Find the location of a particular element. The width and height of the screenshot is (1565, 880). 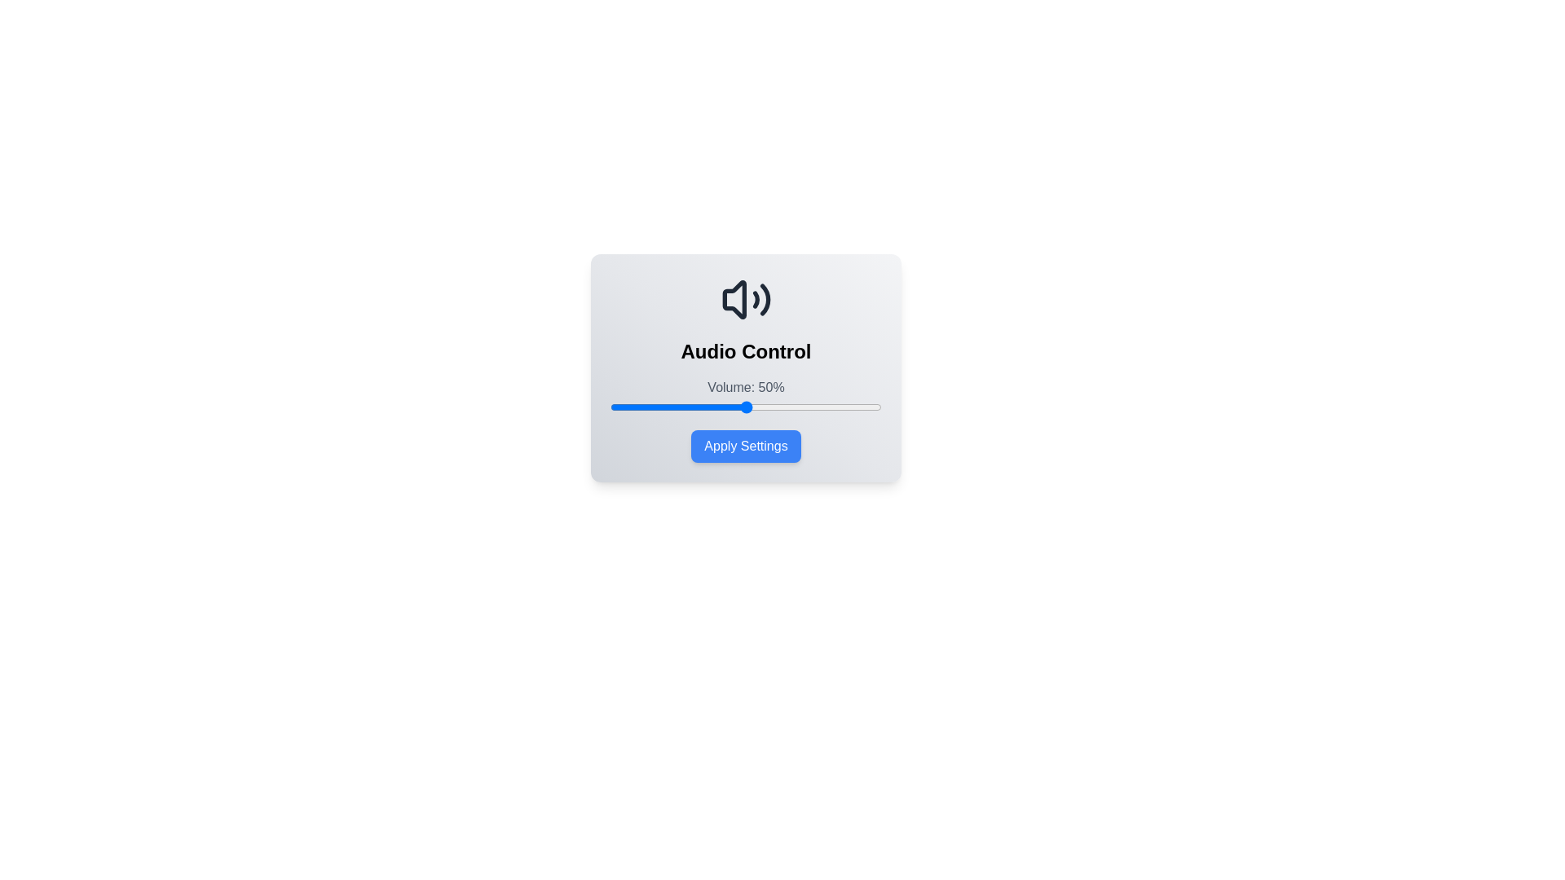

the audio control icon, which resembles a speaker emitting sound waves, located at the top-center of the 'Audio Control' dialog box is located at coordinates (745, 299).